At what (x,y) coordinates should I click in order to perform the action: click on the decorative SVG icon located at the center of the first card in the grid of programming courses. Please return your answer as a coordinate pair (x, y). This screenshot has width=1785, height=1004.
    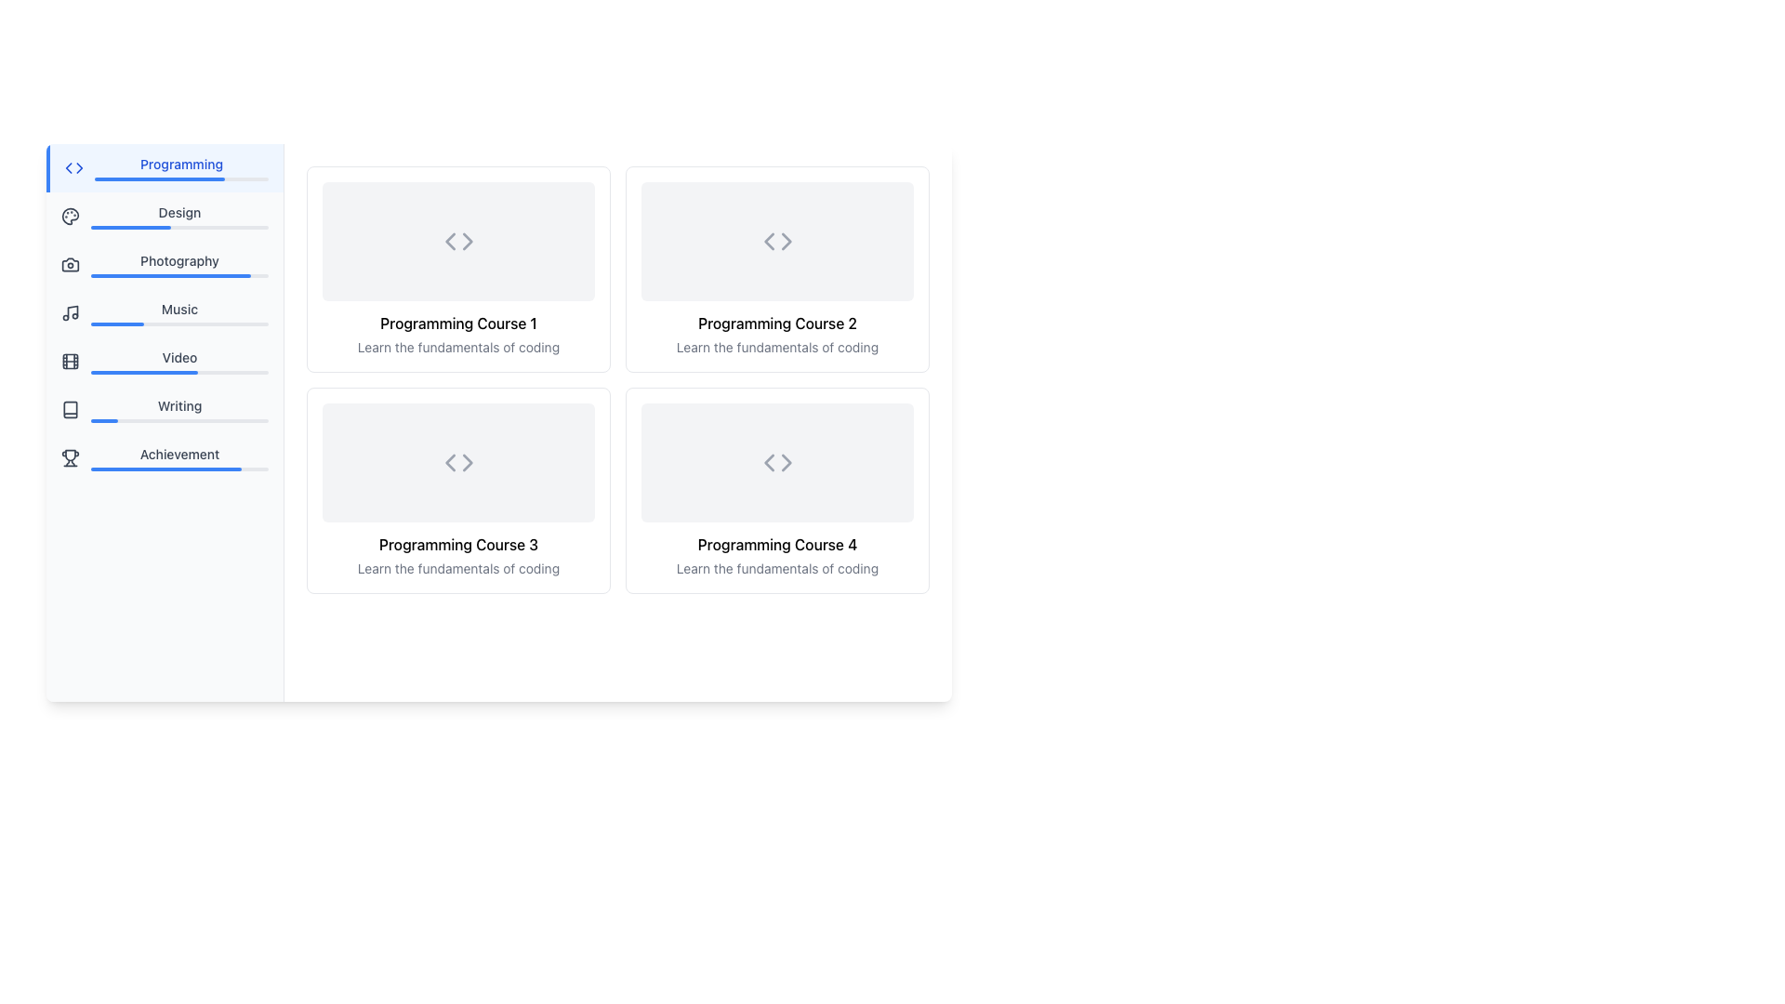
    Looking at the image, I should click on (458, 240).